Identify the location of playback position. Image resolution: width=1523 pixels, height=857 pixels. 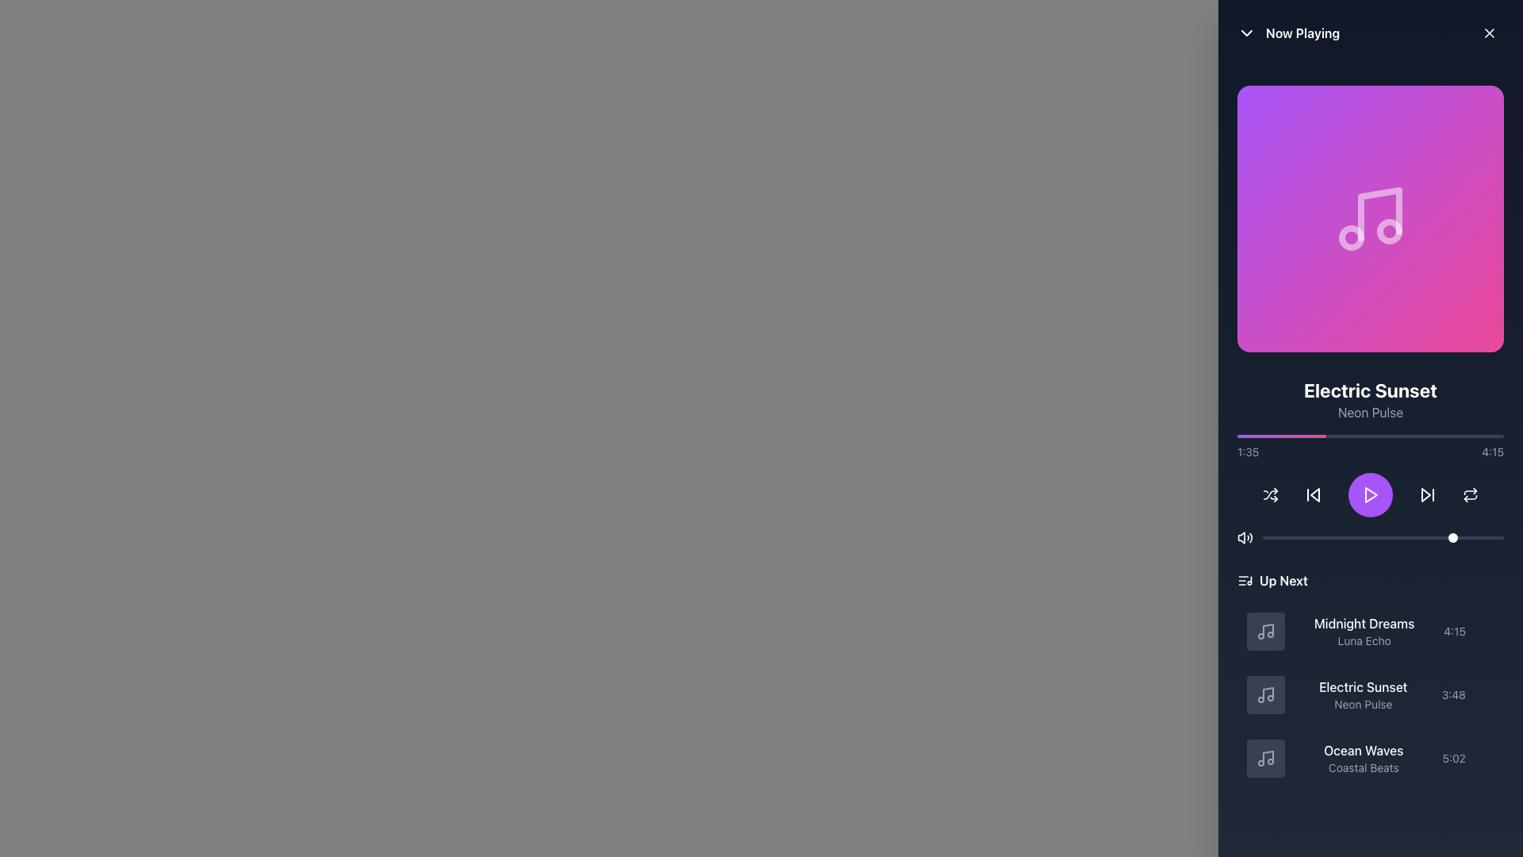
(1337, 436).